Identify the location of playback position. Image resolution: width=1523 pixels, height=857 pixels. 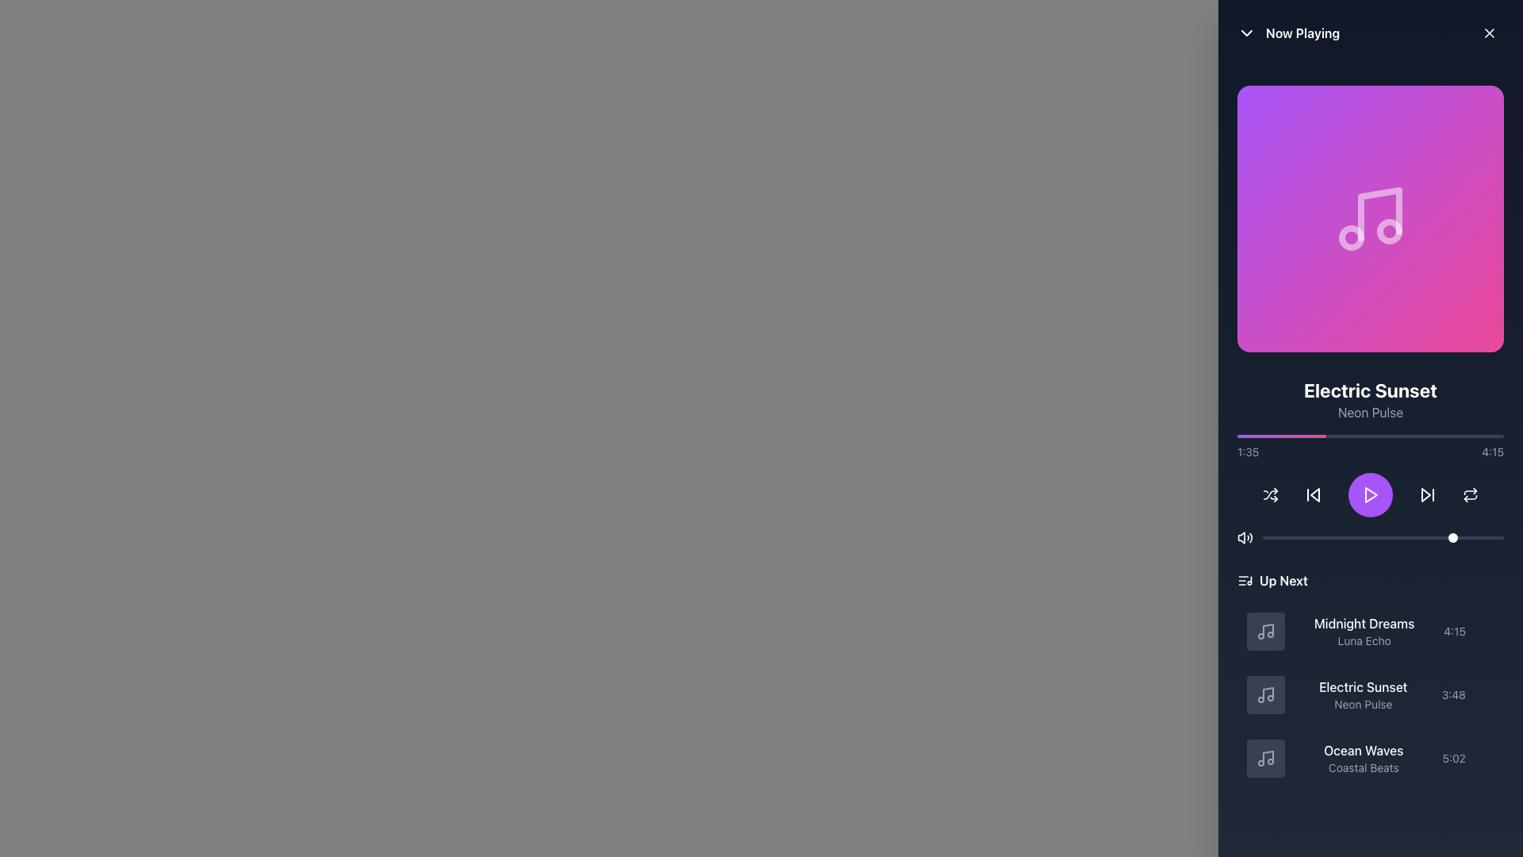
(1337, 436).